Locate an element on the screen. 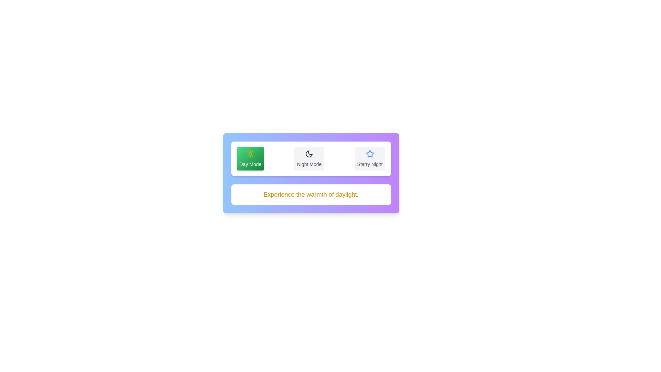 This screenshot has width=661, height=372. the 'Day Mode' button, which is the first button in a group of three, featuring a green gradient background, rounded corners, white text, and a yellow sun icon is located at coordinates (250, 159).